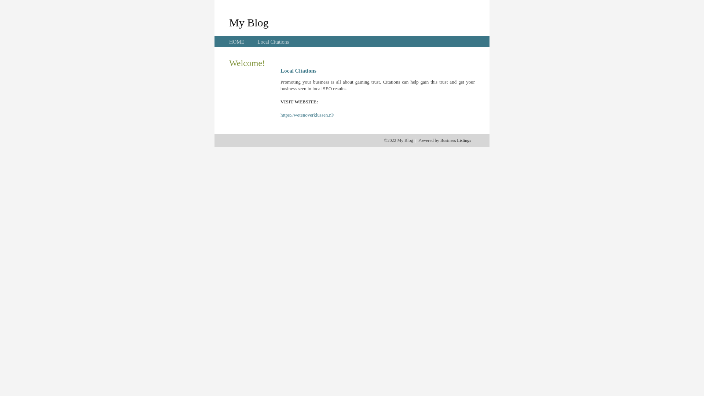 This screenshot has height=396, width=704. What do you see at coordinates (307, 115) in the screenshot?
I see `'https://wetenoverklussen.nl/'` at bounding box center [307, 115].